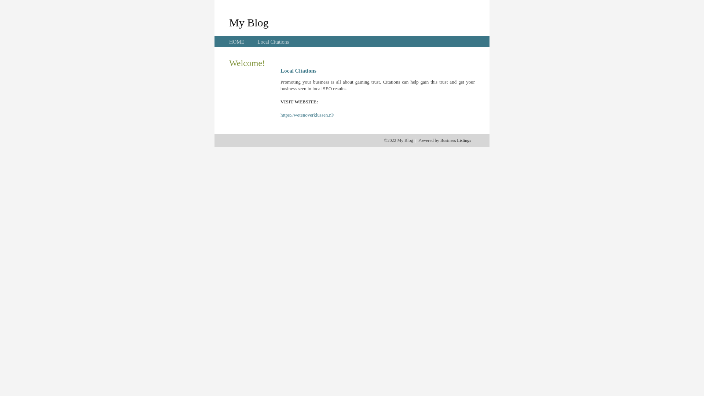 This screenshot has height=396, width=704. What do you see at coordinates (307, 115) in the screenshot?
I see `'https://wetenoverklussen.nl/'` at bounding box center [307, 115].